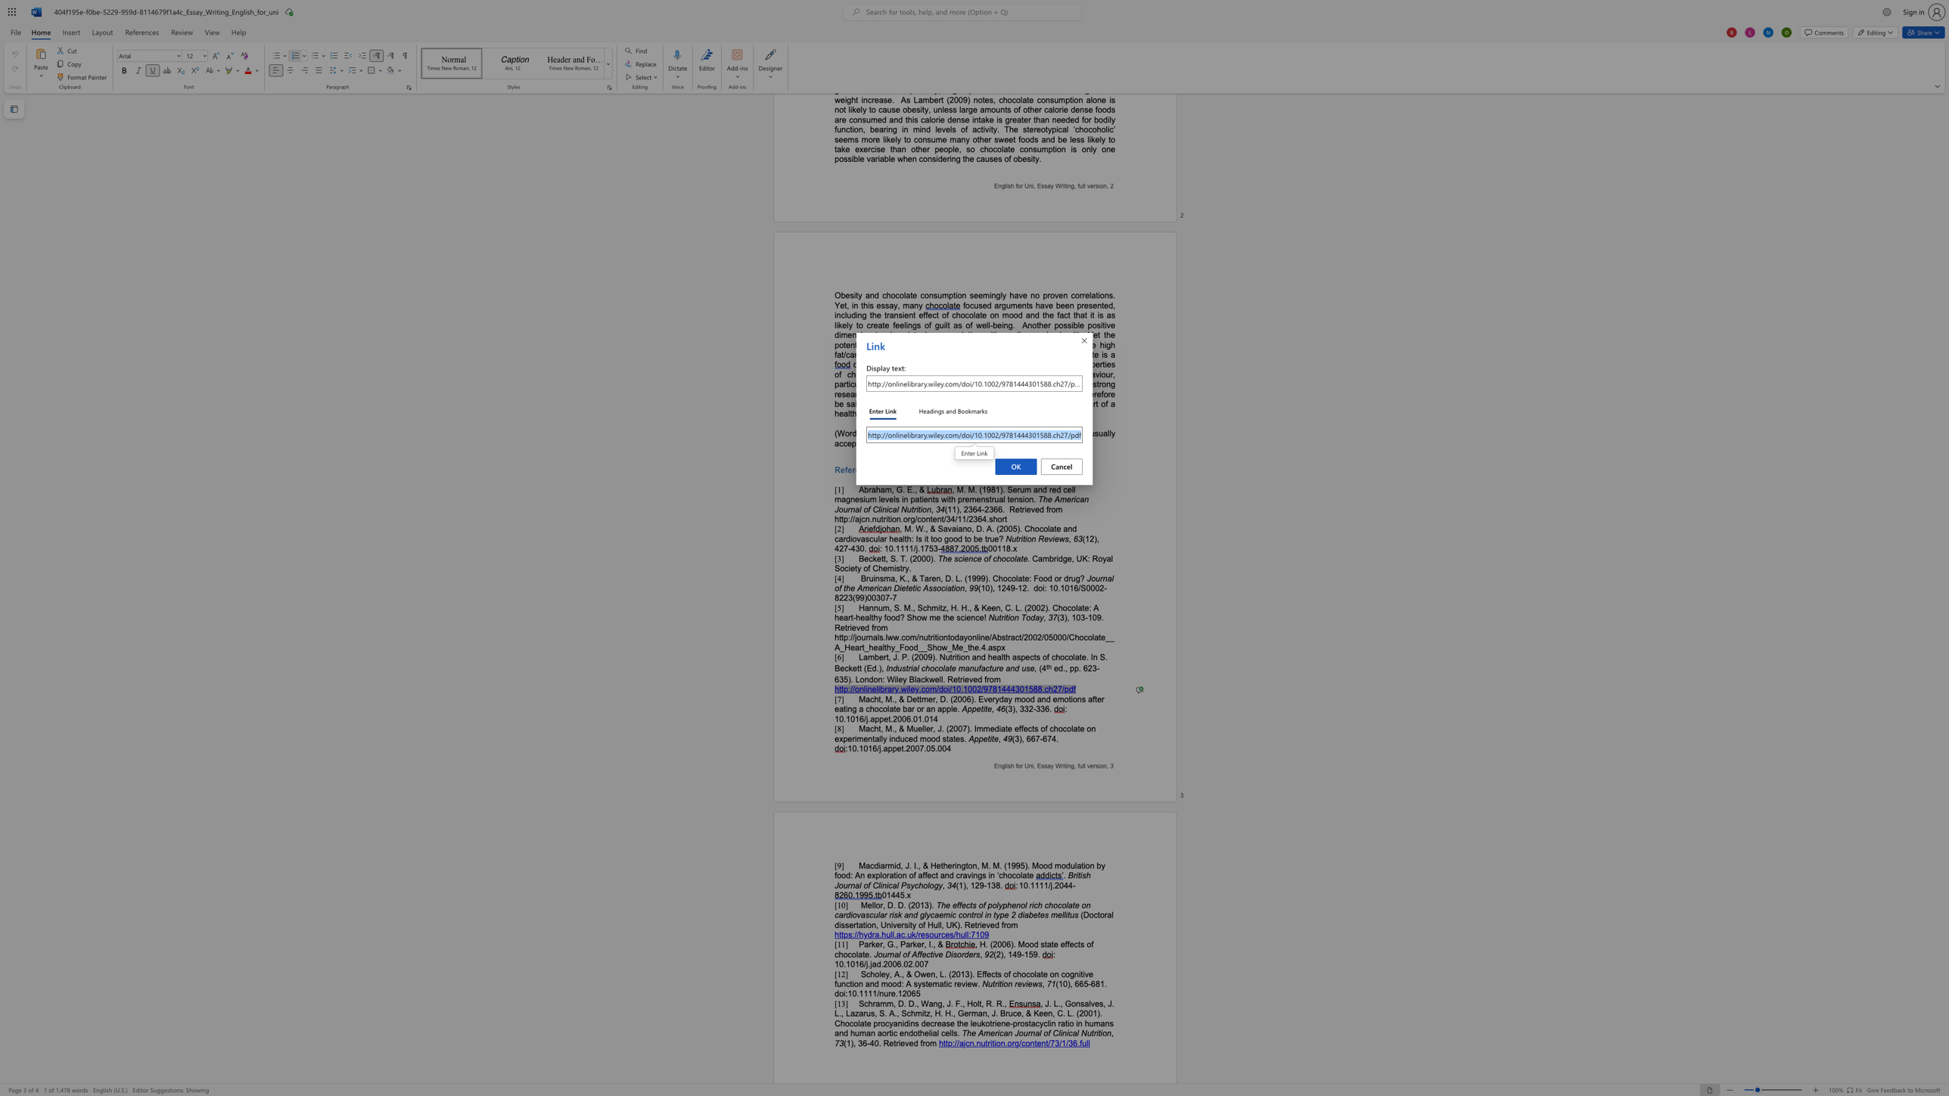  I want to click on the 1th character "h" in the text, so click(869, 1003).